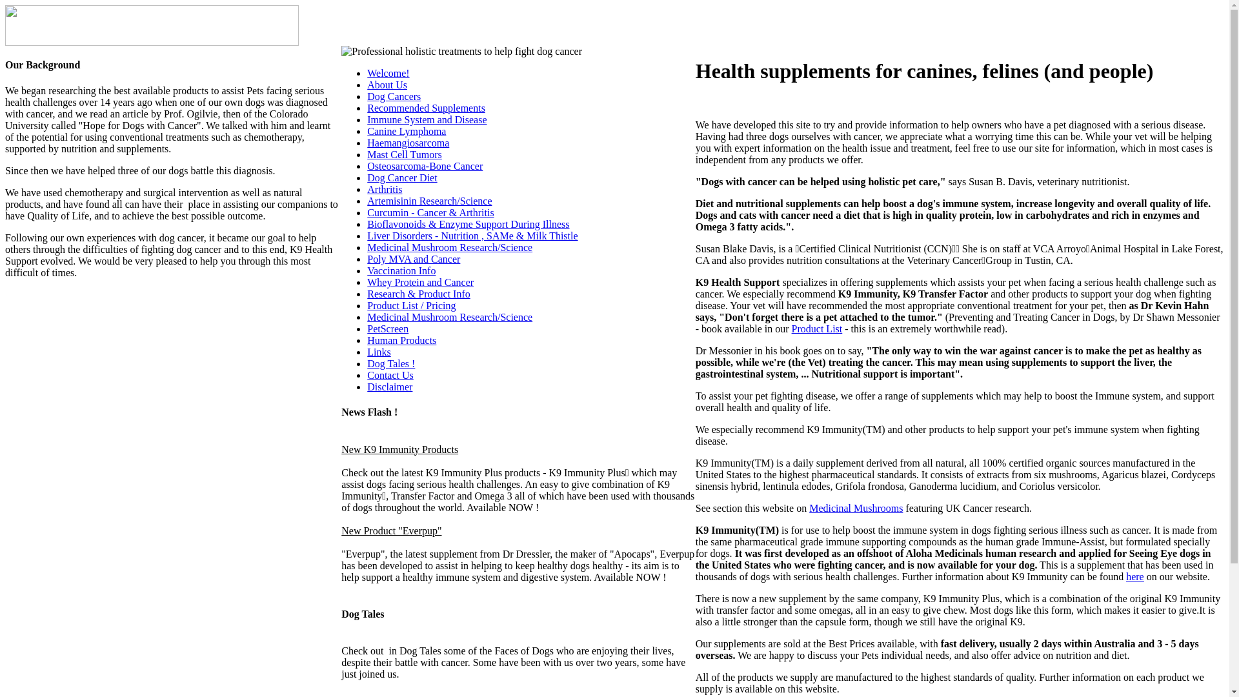  Describe the element at coordinates (467, 223) in the screenshot. I see `'Bioflavonoids & Enzyme Support During Illness'` at that location.